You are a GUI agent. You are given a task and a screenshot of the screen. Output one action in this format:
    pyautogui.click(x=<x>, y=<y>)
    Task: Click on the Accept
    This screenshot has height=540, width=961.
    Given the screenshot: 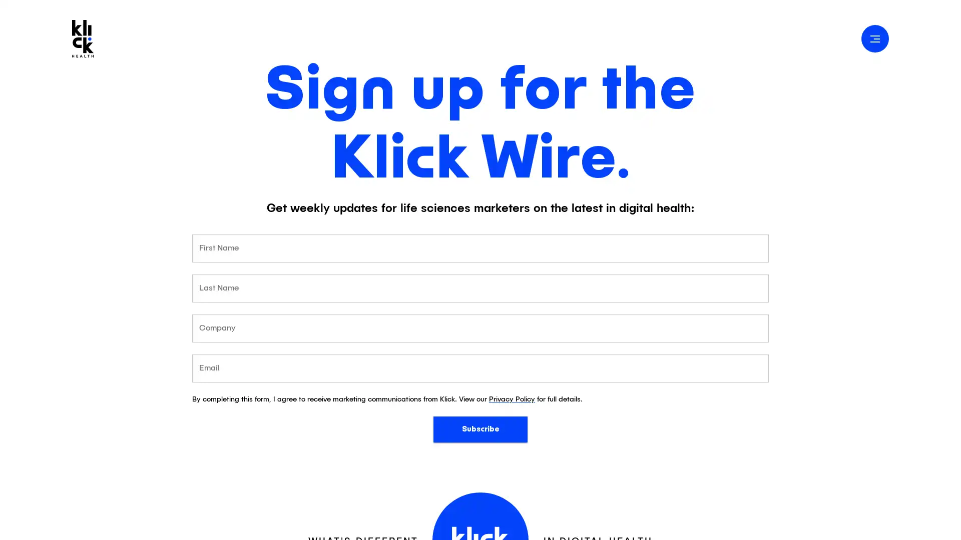 What is the action you would take?
    pyautogui.click(x=863, y=520)
    